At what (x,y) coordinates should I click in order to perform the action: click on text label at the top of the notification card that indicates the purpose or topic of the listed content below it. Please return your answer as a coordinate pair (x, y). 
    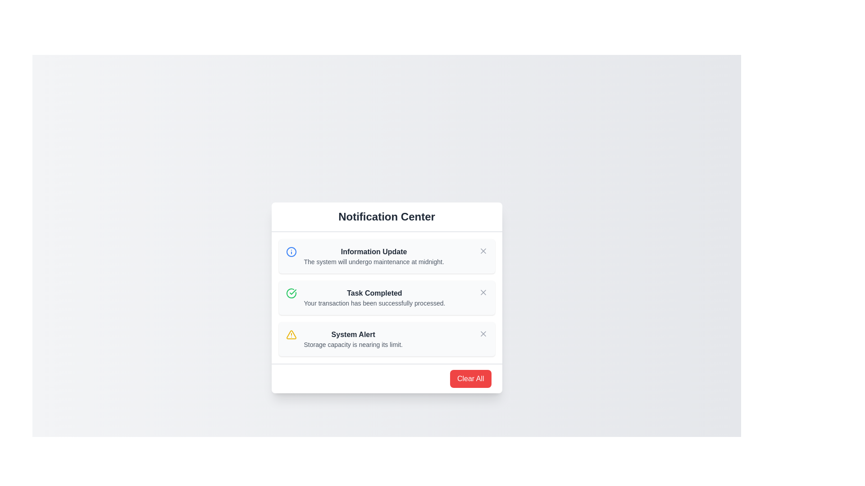
    Looking at the image, I should click on (387, 217).